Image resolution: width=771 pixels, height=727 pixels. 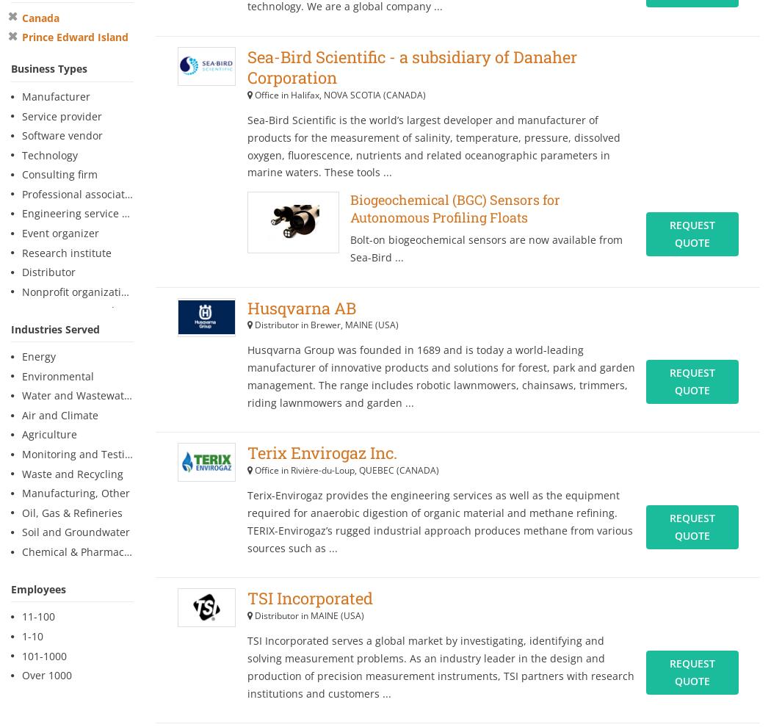 I want to click on 'Environmental Industry Products', so click(x=448, y=441).